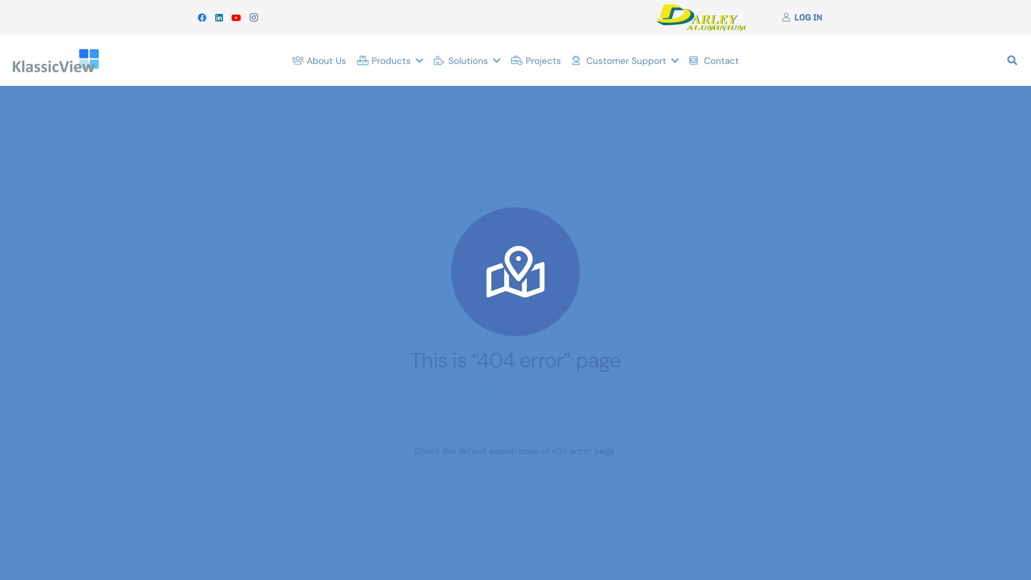 This screenshot has width=1031, height=580. I want to click on 'Projects', so click(536, 60).